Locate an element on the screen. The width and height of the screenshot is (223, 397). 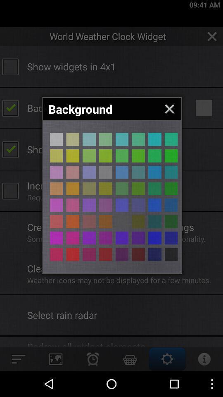
choose that color is located at coordinates (56, 254).